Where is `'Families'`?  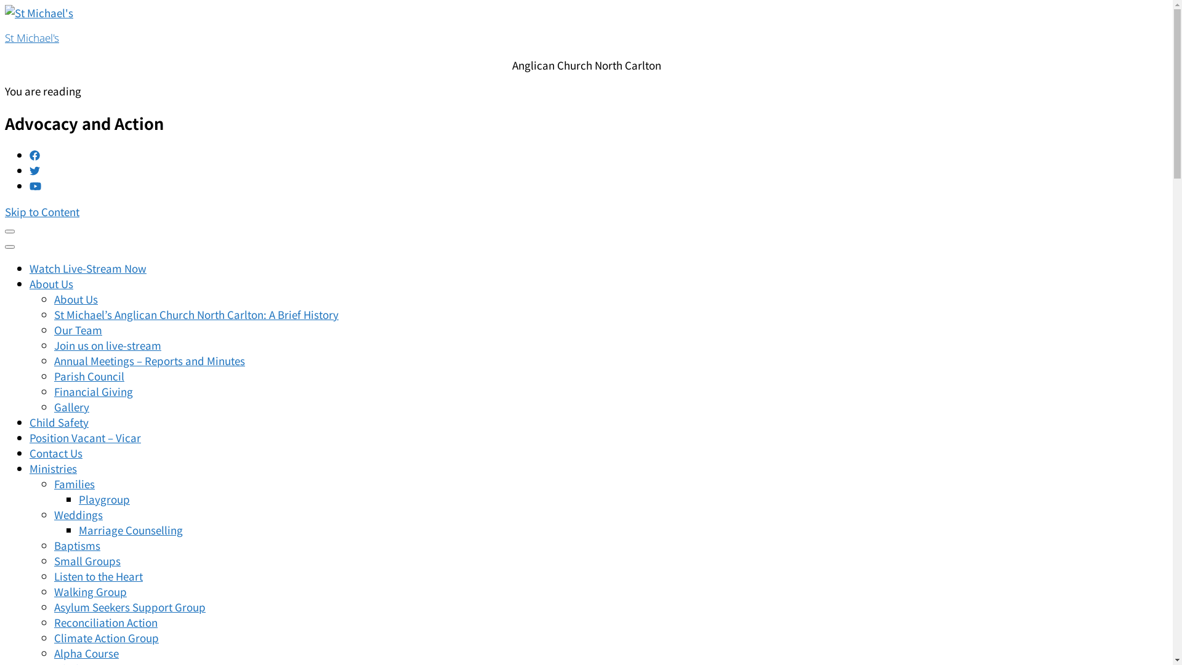
'Families' is located at coordinates (73, 483).